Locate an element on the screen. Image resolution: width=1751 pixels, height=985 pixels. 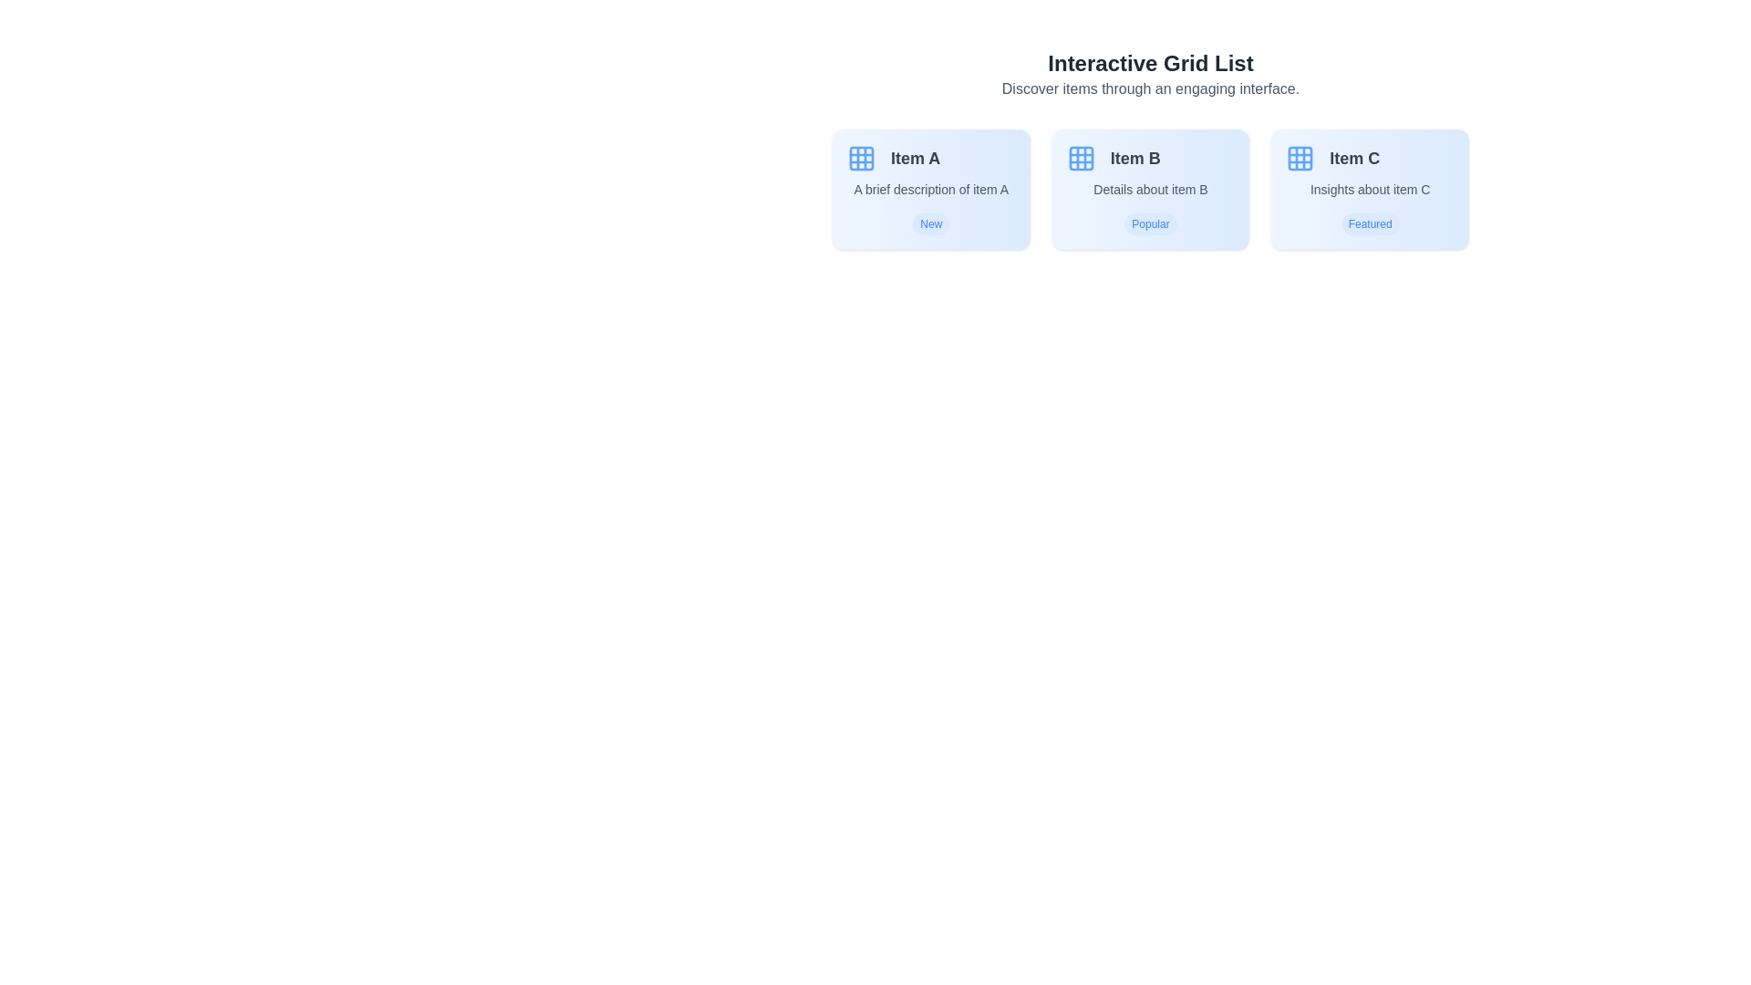
the tag associated with Item C to view its details is located at coordinates (1370, 223).